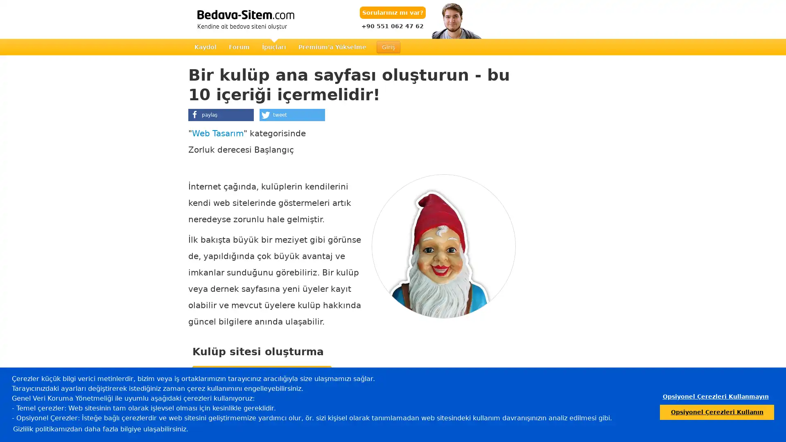  Describe the element at coordinates (716, 412) in the screenshot. I see `allow cookies` at that location.